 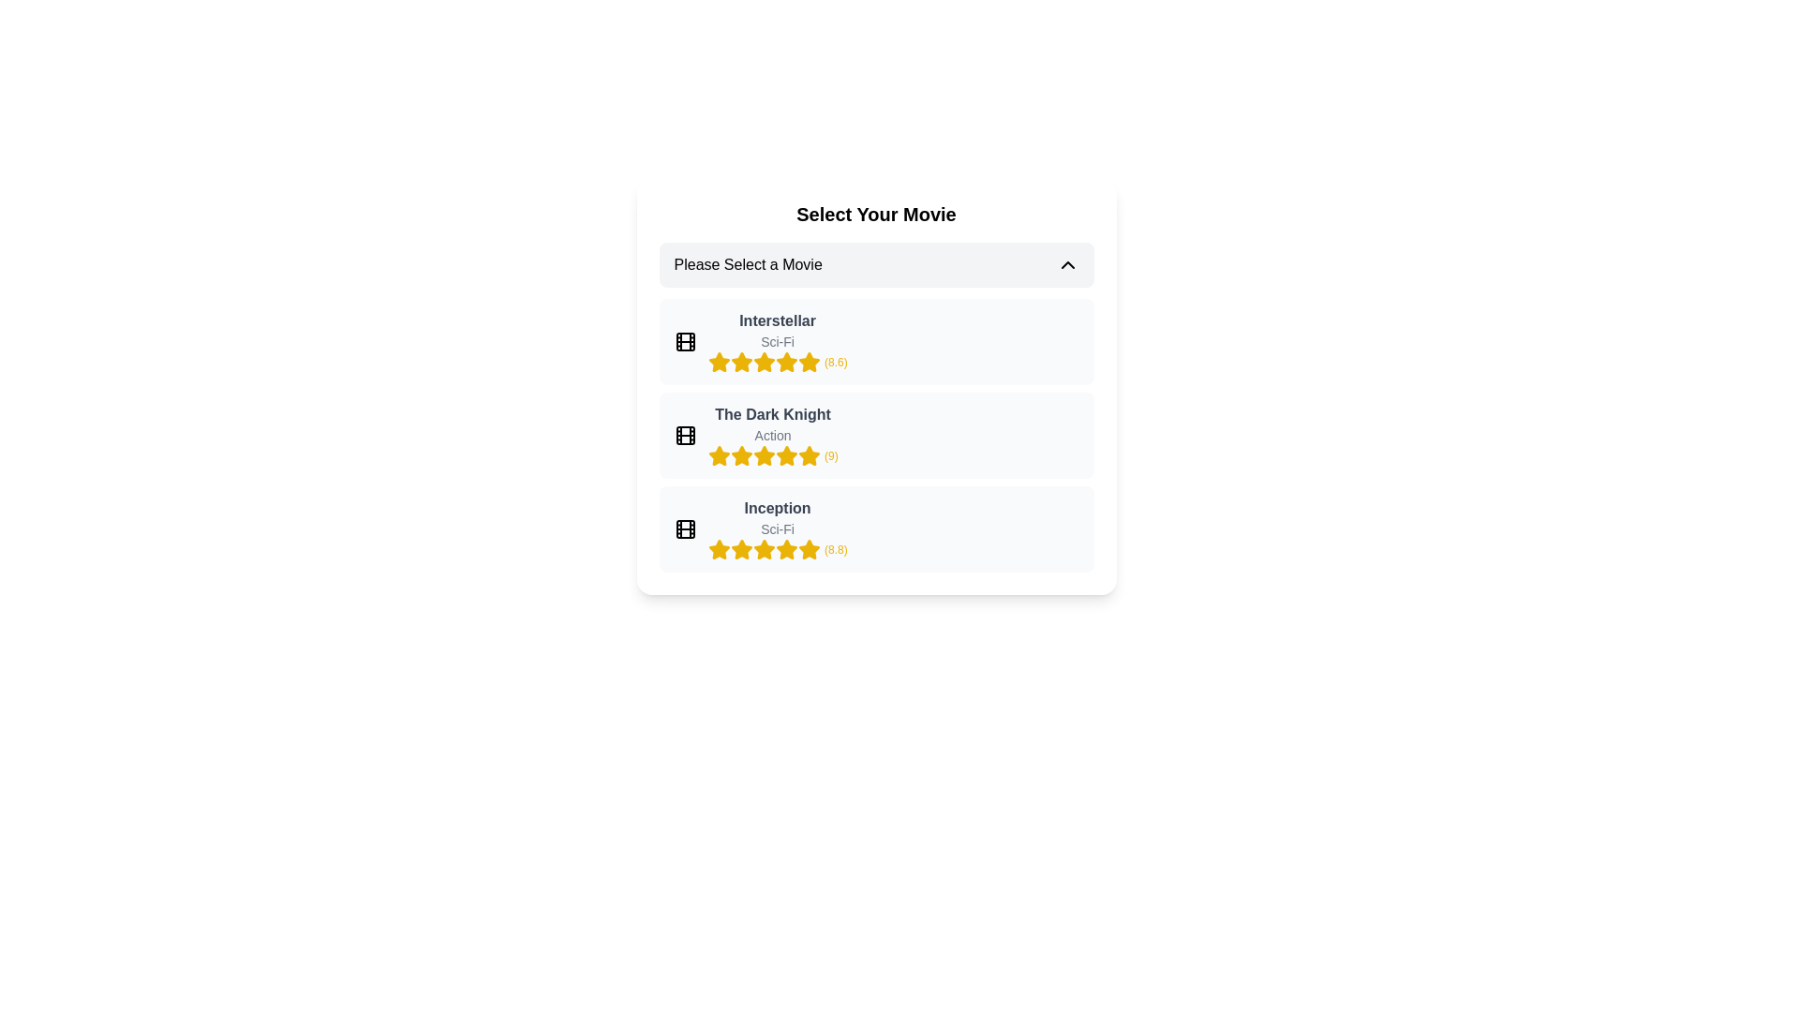 What do you see at coordinates (786, 362) in the screenshot?
I see `the filled golden-yellow star icon representing the rating for the movie 'Interstellar' located next to the rating number '(8.6)' in the dropdown menu titled 'Select Your Movie'` at bounding box center [786, 362].